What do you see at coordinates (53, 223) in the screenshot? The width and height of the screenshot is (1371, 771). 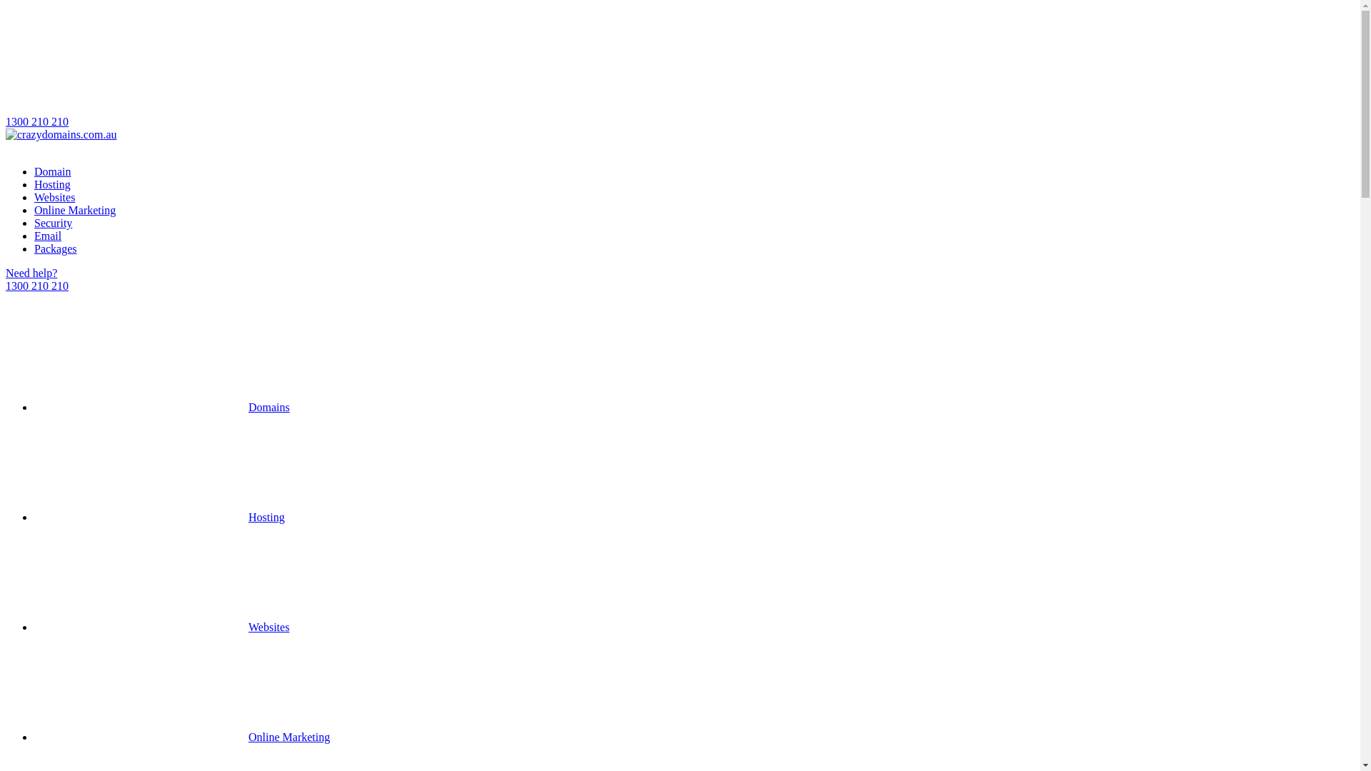 I see `'Security'` at bounding box center [53, 223].